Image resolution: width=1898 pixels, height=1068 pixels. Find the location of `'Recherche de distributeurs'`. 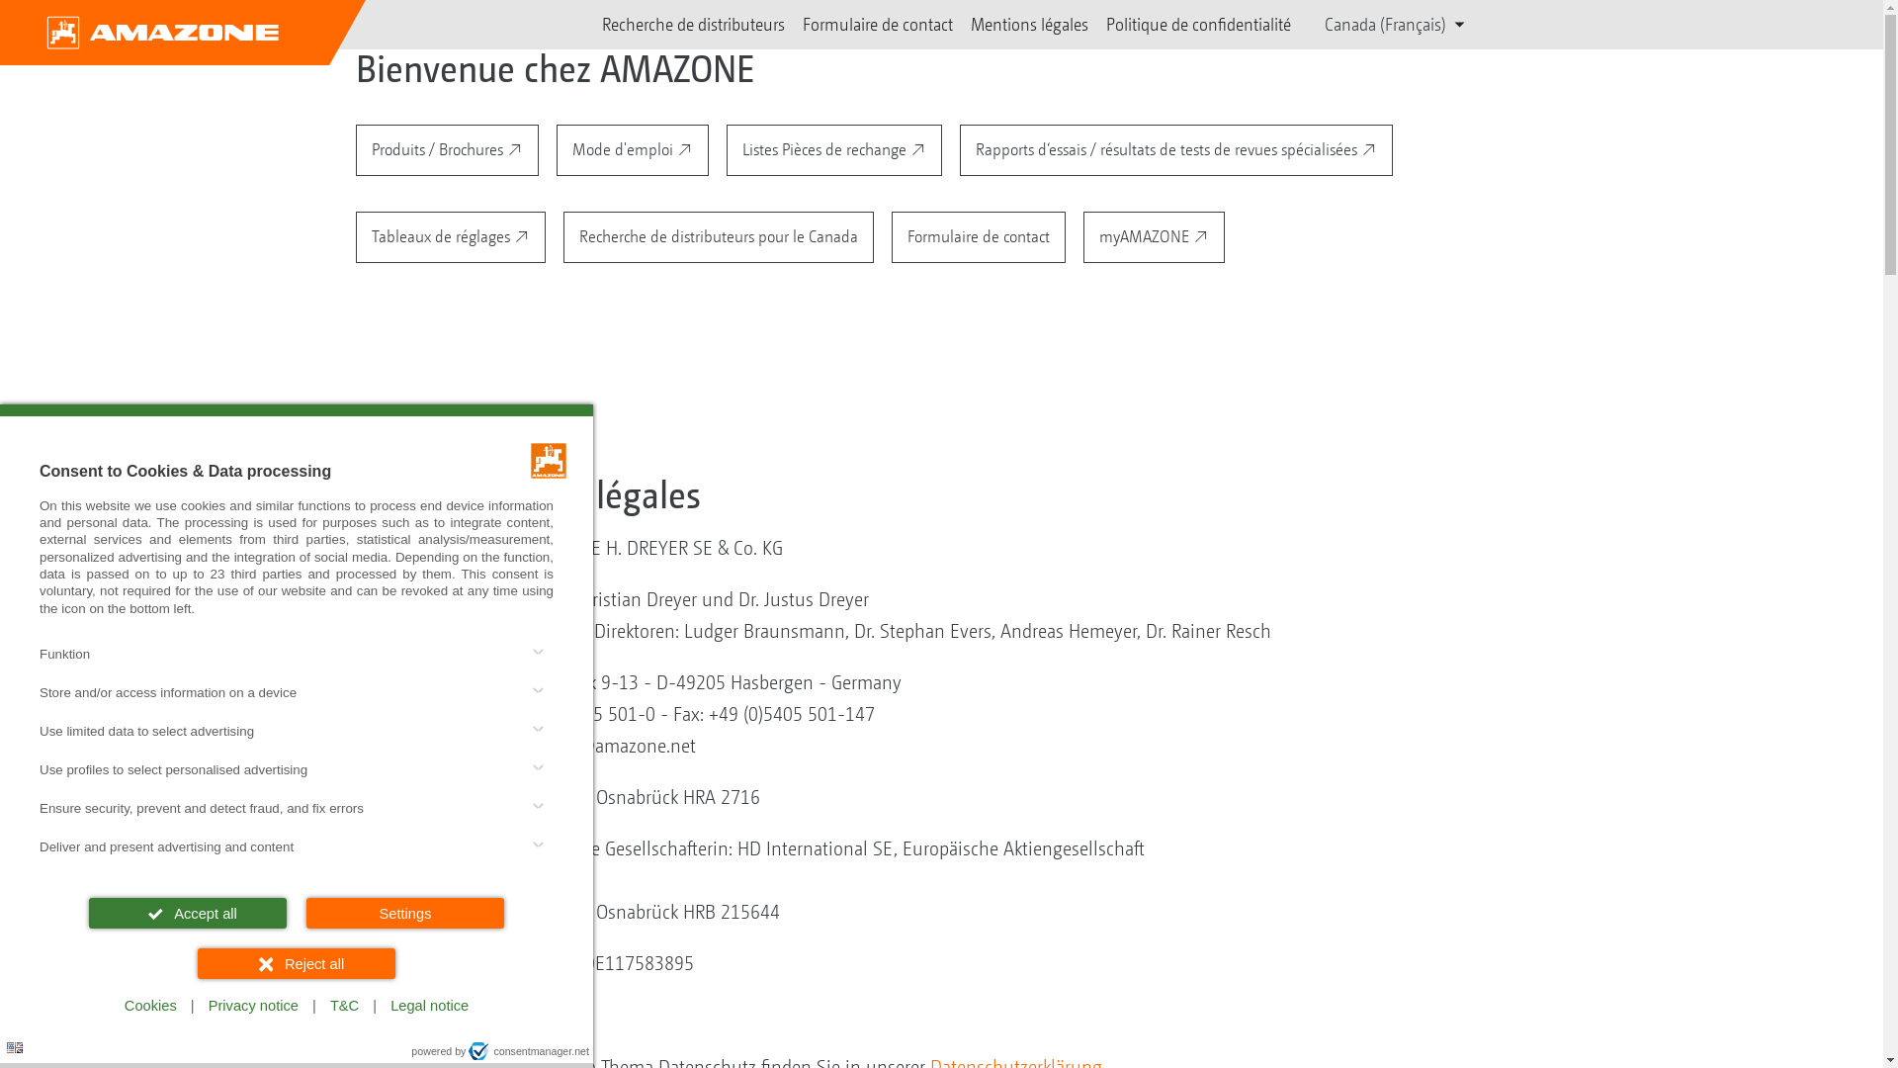

'Recherche de distributeurs' is located at coordinates (693, 24).